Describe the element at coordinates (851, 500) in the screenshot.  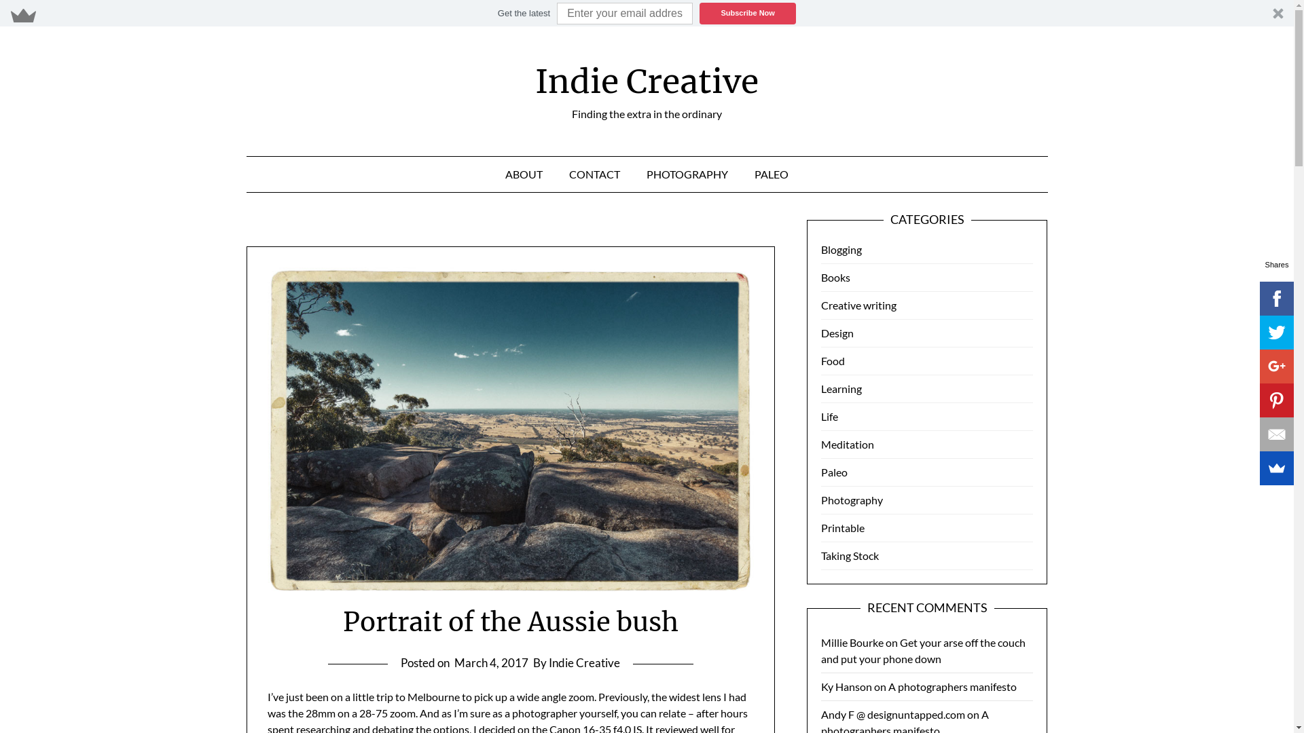
I see `'Photography'` at that location.